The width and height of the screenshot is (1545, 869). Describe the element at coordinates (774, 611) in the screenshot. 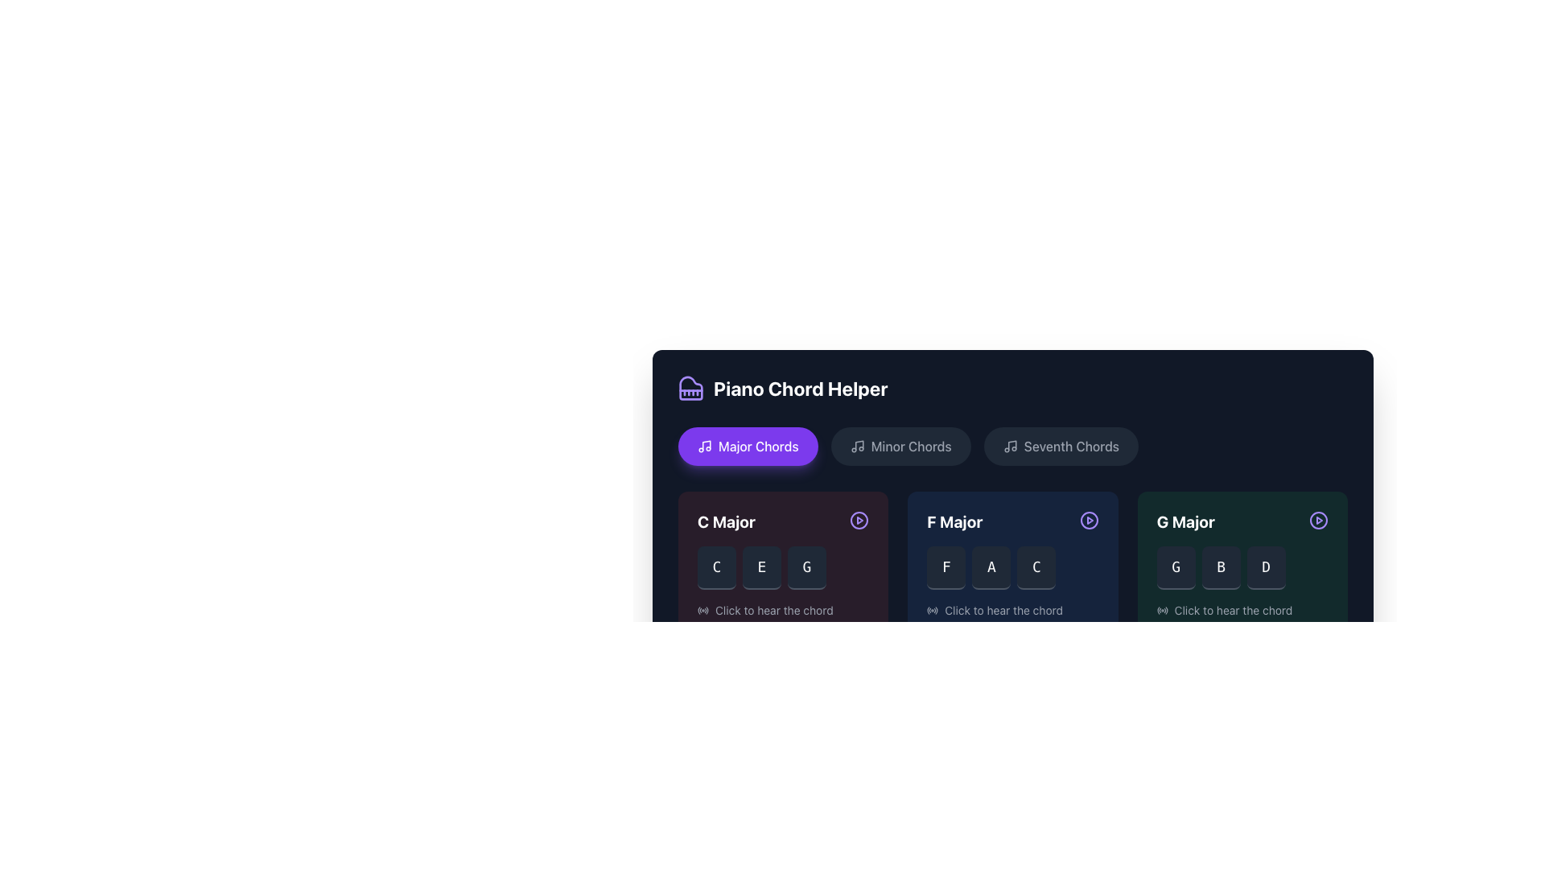

I see `the text label that instructs 'Click to hear the chord', which is associated with the 'C Major' chord section, positioned below the keys' representation` at that location.